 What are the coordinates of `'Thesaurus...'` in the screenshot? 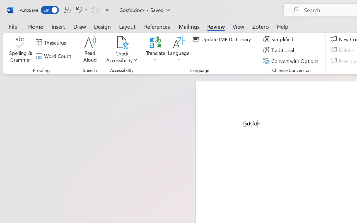 It's located at (52, 43).